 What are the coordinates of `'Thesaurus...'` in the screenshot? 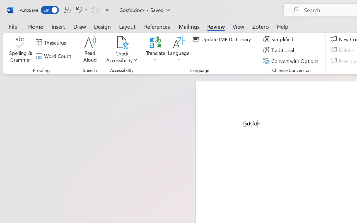 It's located at (52, 43).